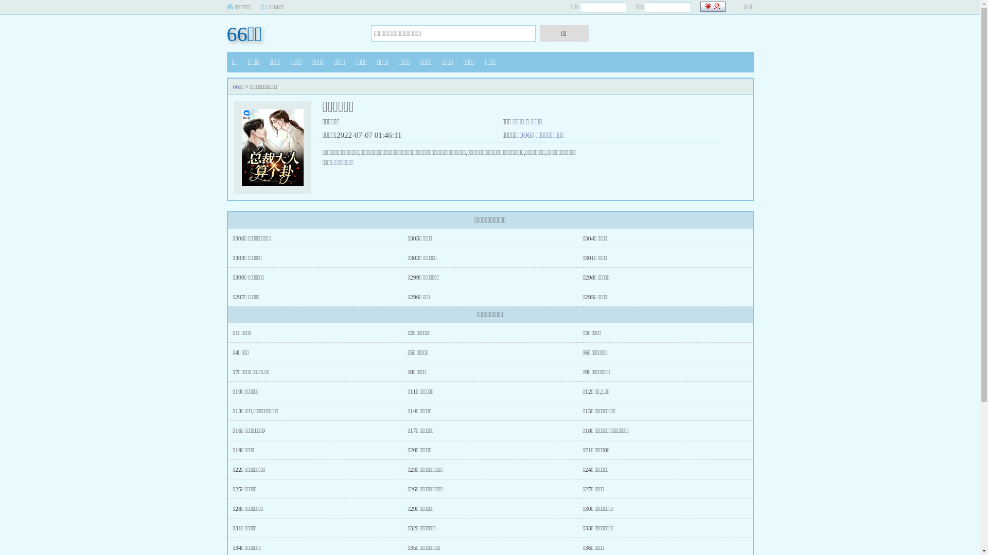  I want to click on ' ', so click(713, 7).